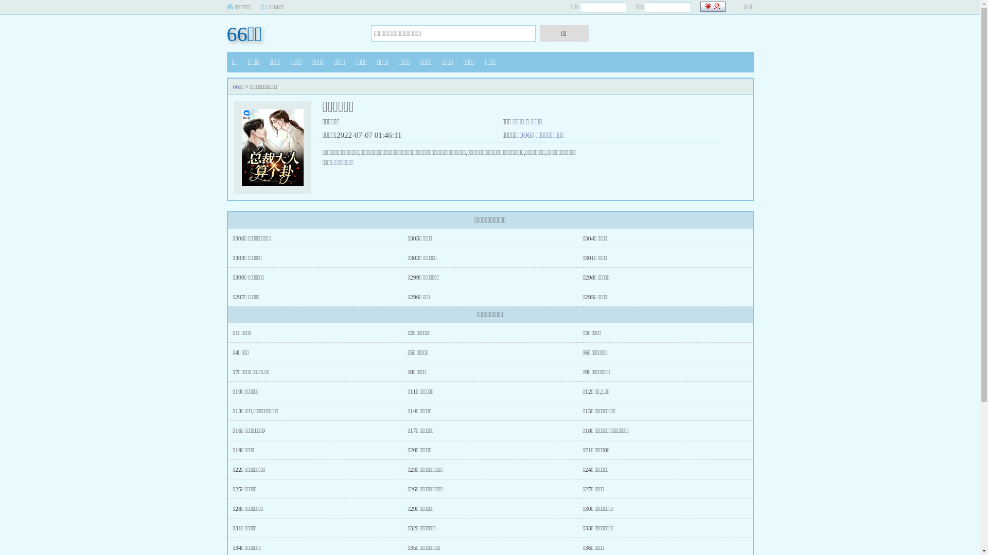  I want to click on ' ', so click(713, 7).